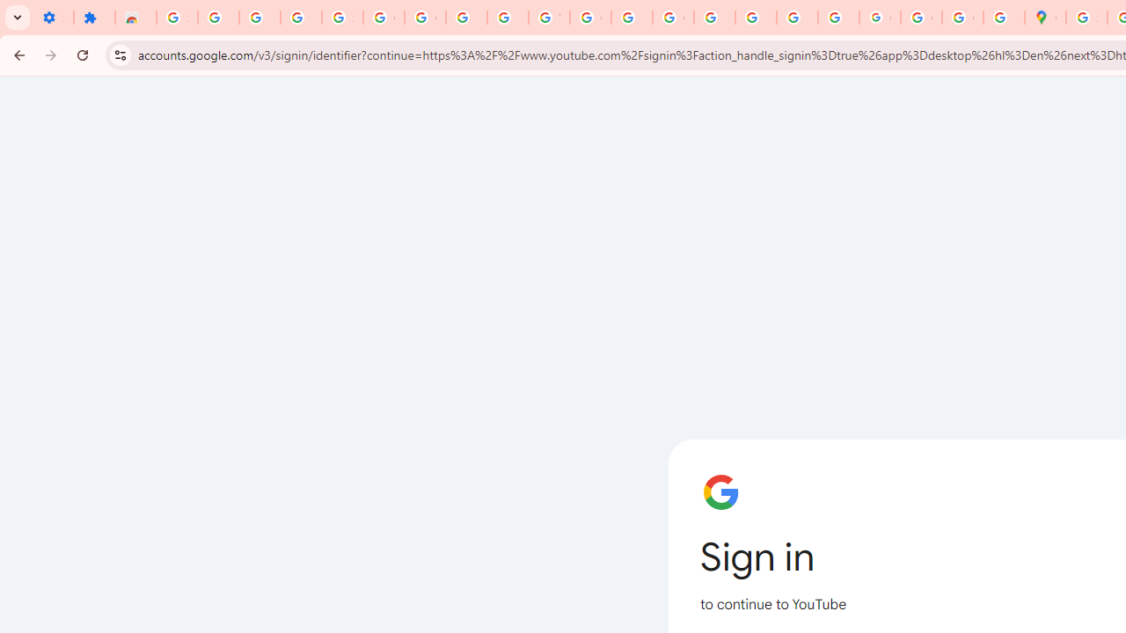  I want to click on 'Google Maps', so click(1045, 18).